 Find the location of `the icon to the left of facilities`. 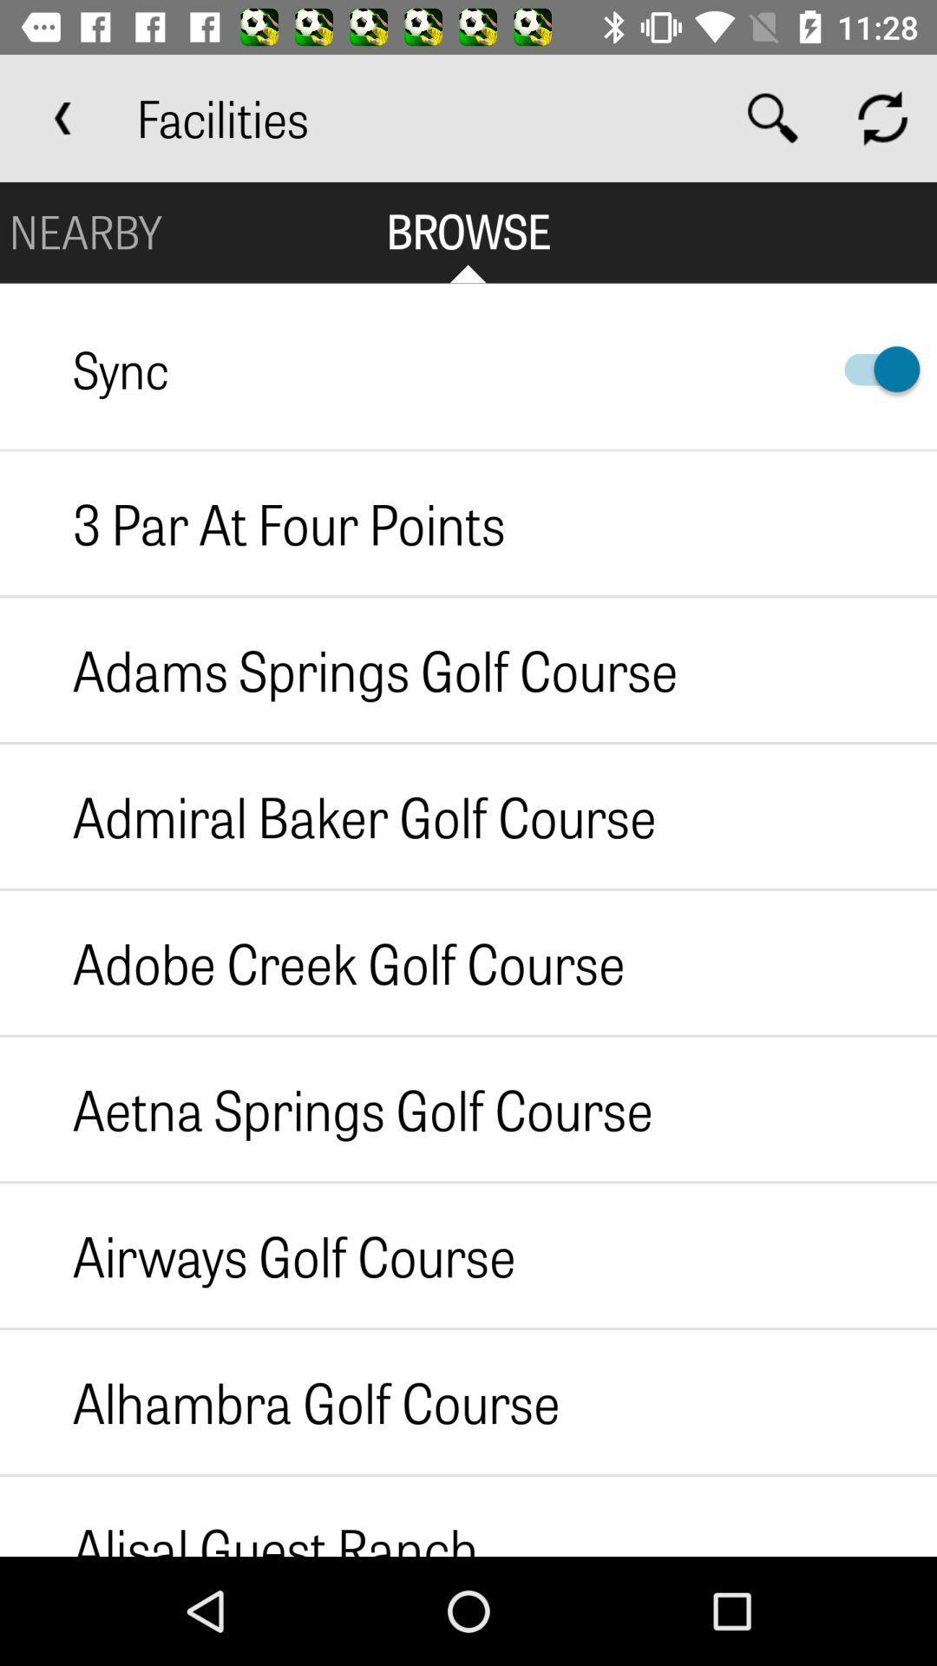

the icon to the left of facilities is located at coordinates (62, 117).